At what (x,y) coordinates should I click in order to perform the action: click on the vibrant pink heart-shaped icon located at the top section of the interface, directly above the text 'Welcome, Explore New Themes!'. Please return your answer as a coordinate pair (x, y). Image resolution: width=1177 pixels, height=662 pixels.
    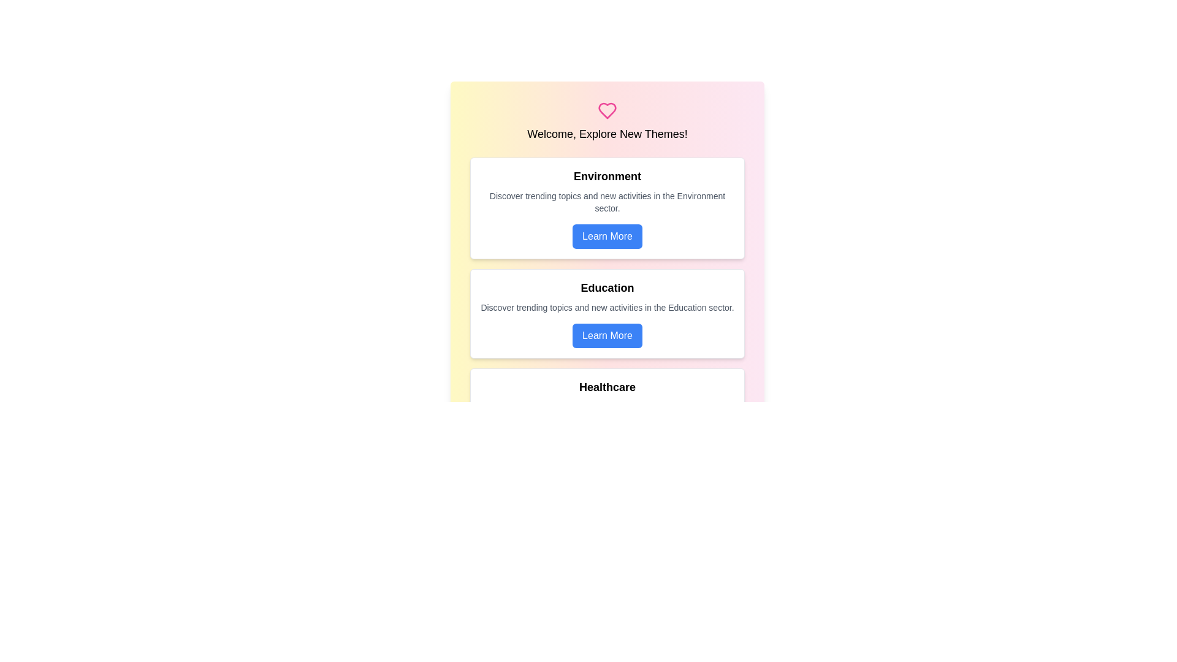
    Looking at the image, I should click on (607, 111).